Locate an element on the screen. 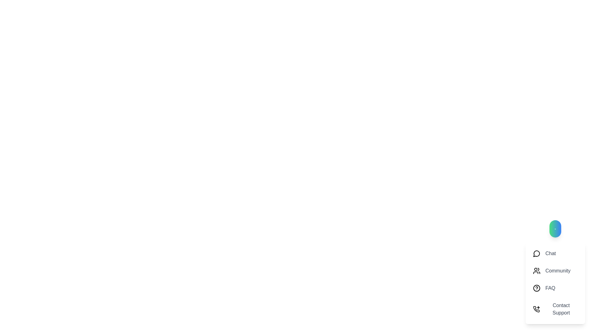  the chat icon located at the leftmost side of the 'Chat' menu is located at coordinates (536, 254).